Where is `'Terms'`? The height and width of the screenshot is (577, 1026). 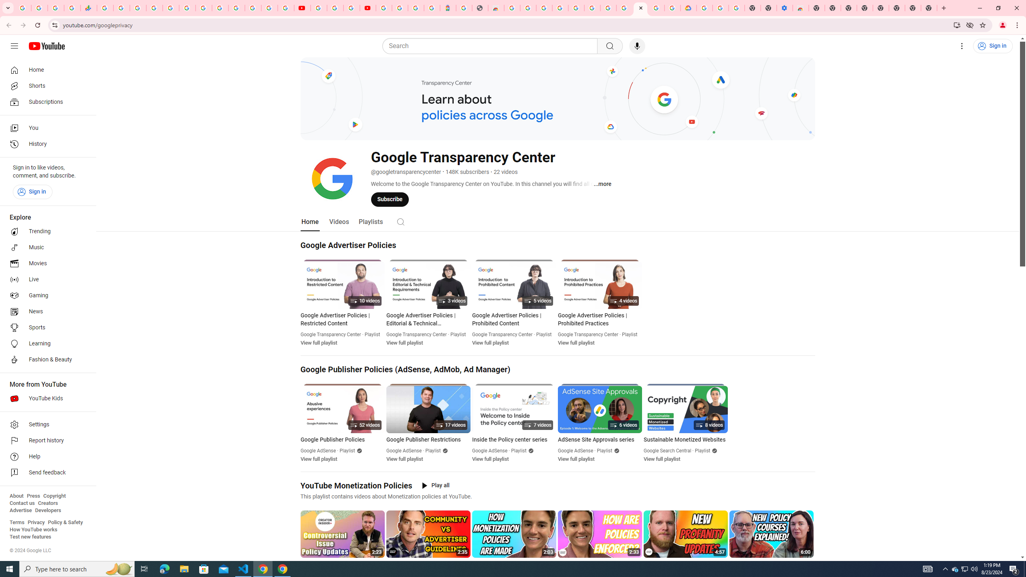
'Terms' is located at coordinates (16, 522).